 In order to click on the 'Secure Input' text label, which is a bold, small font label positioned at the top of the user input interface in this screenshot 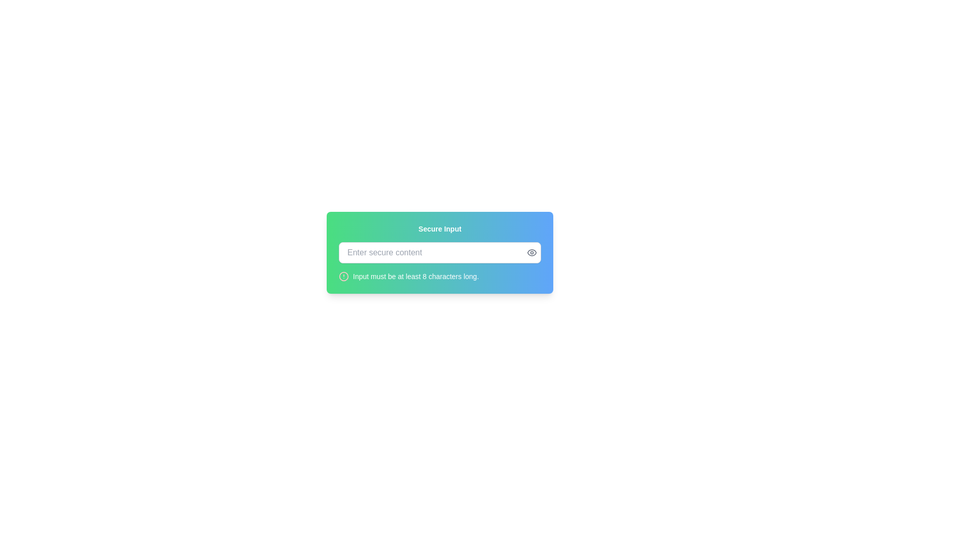, I will do `click(439, 229)`.